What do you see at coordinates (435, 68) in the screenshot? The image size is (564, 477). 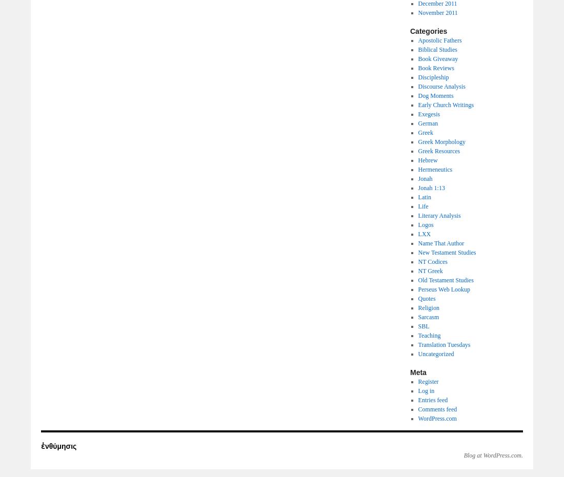 I see `'Book Reviews'` at bounding box center [435, 68].